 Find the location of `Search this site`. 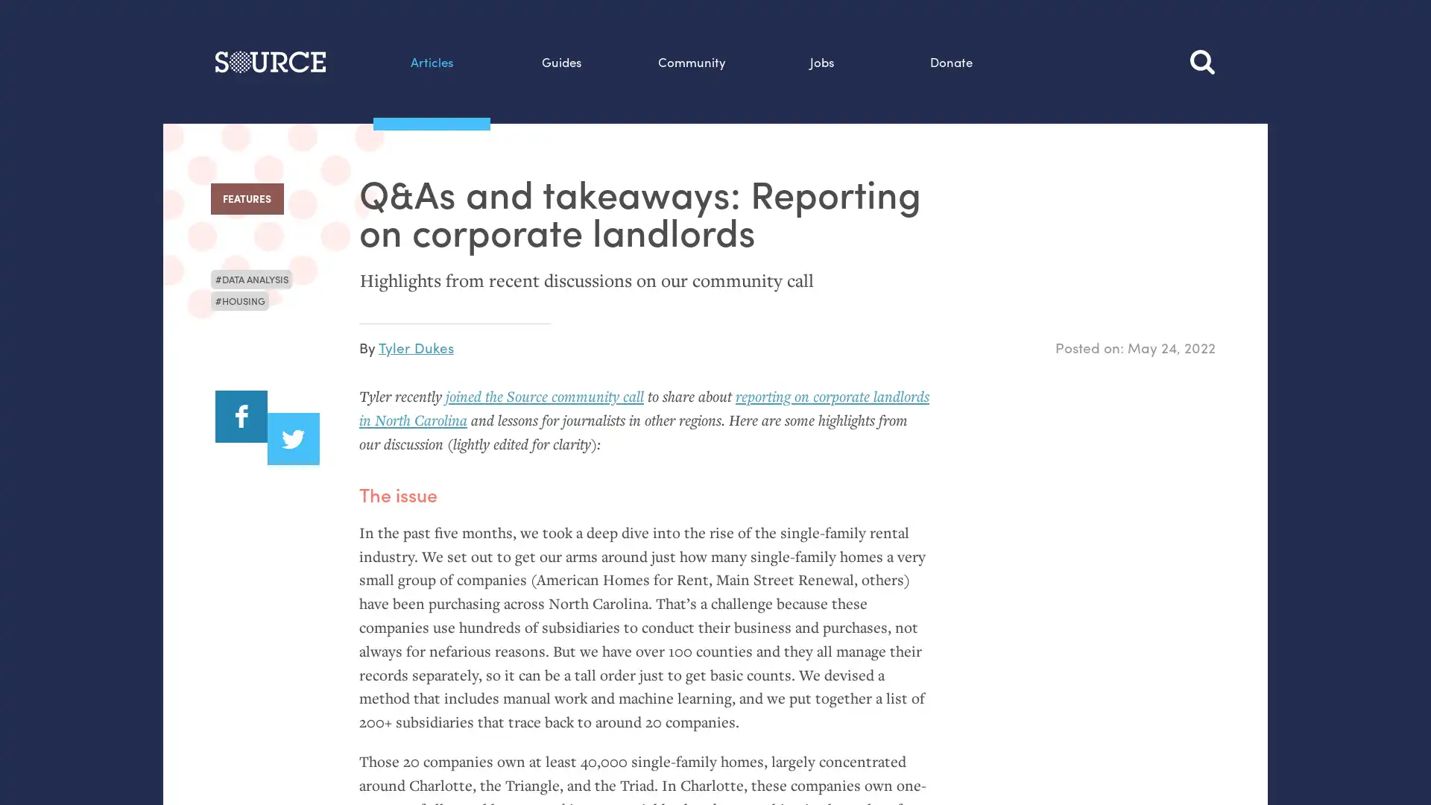

Search this site is located at coordinates (162, 123).